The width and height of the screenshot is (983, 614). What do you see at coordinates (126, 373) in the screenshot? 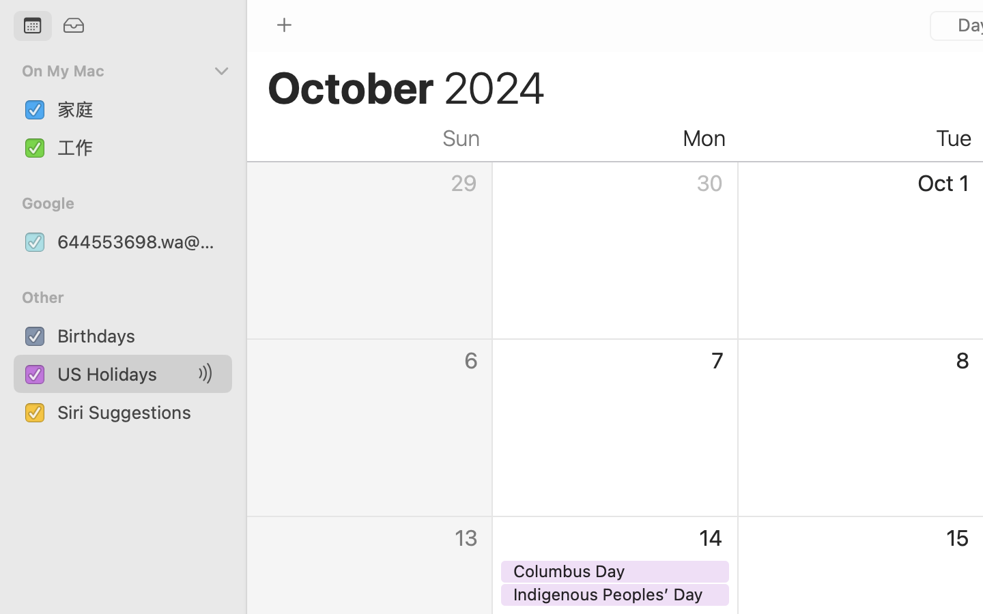
I see `'US Holidays'` at bounding box center [126, 373].